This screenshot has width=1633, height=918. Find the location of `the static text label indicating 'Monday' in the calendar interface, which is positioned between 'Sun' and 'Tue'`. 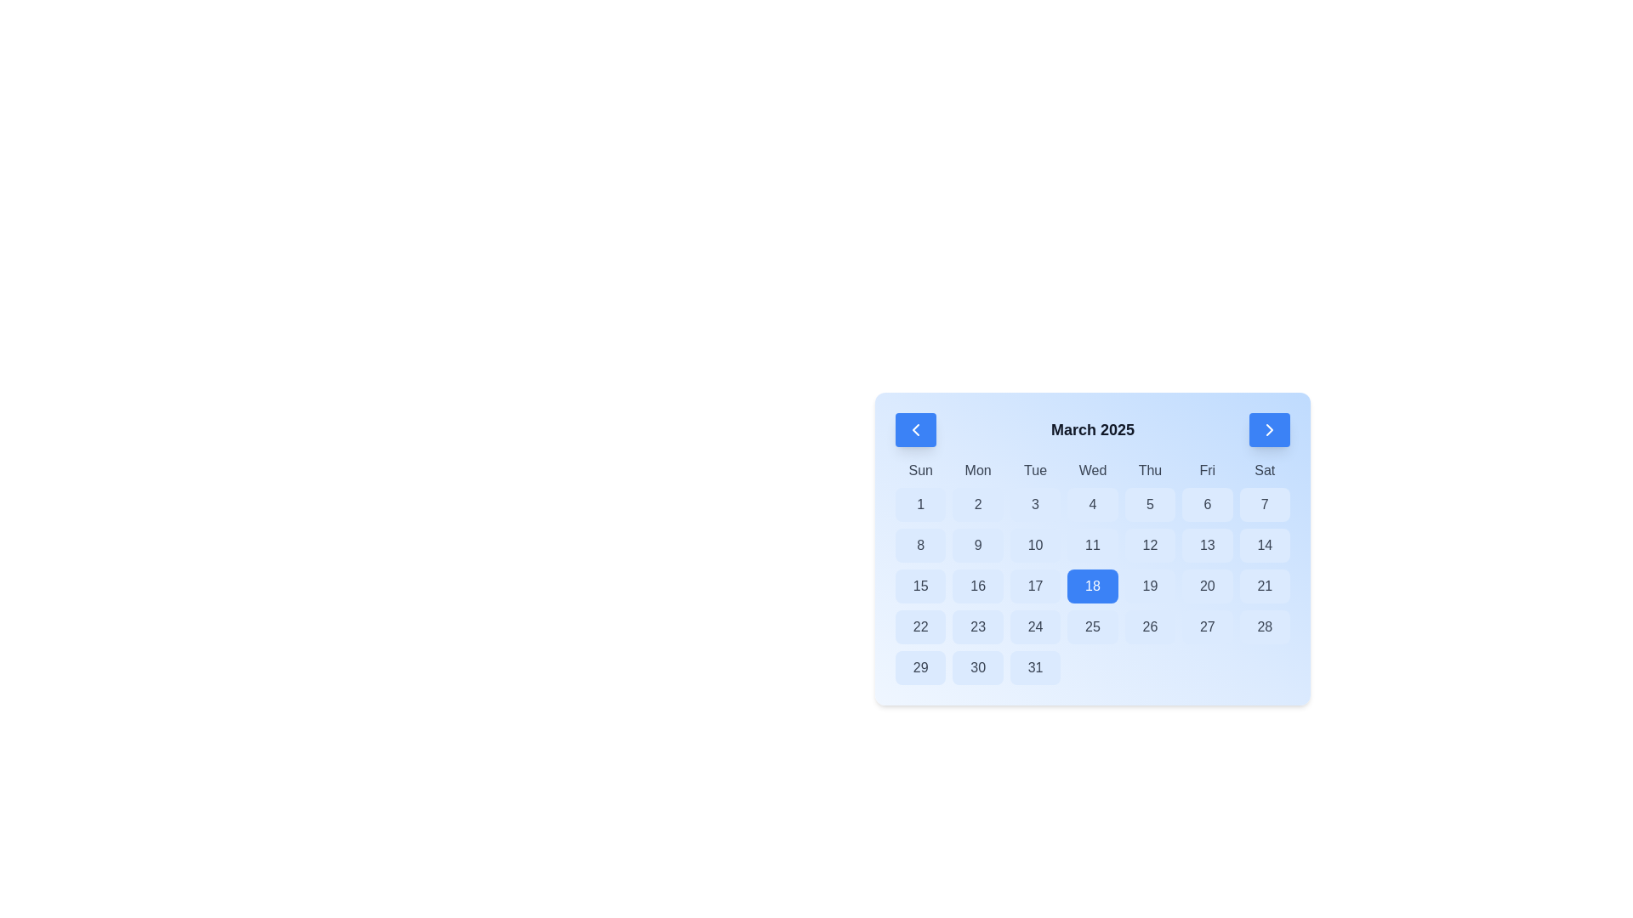

the static text label indicating 'Monday' in the calendar interface, which is positioned between 'Sun' and 'Tue' is located at coordinates (978, 471).